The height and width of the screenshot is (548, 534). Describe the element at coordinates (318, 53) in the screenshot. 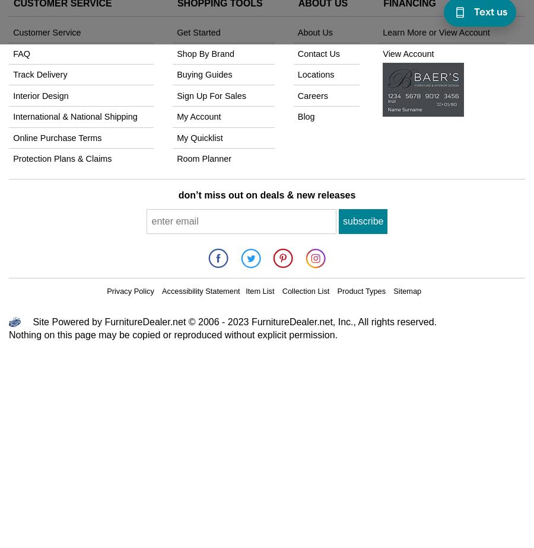

I see `'Contact Us'` at that location.